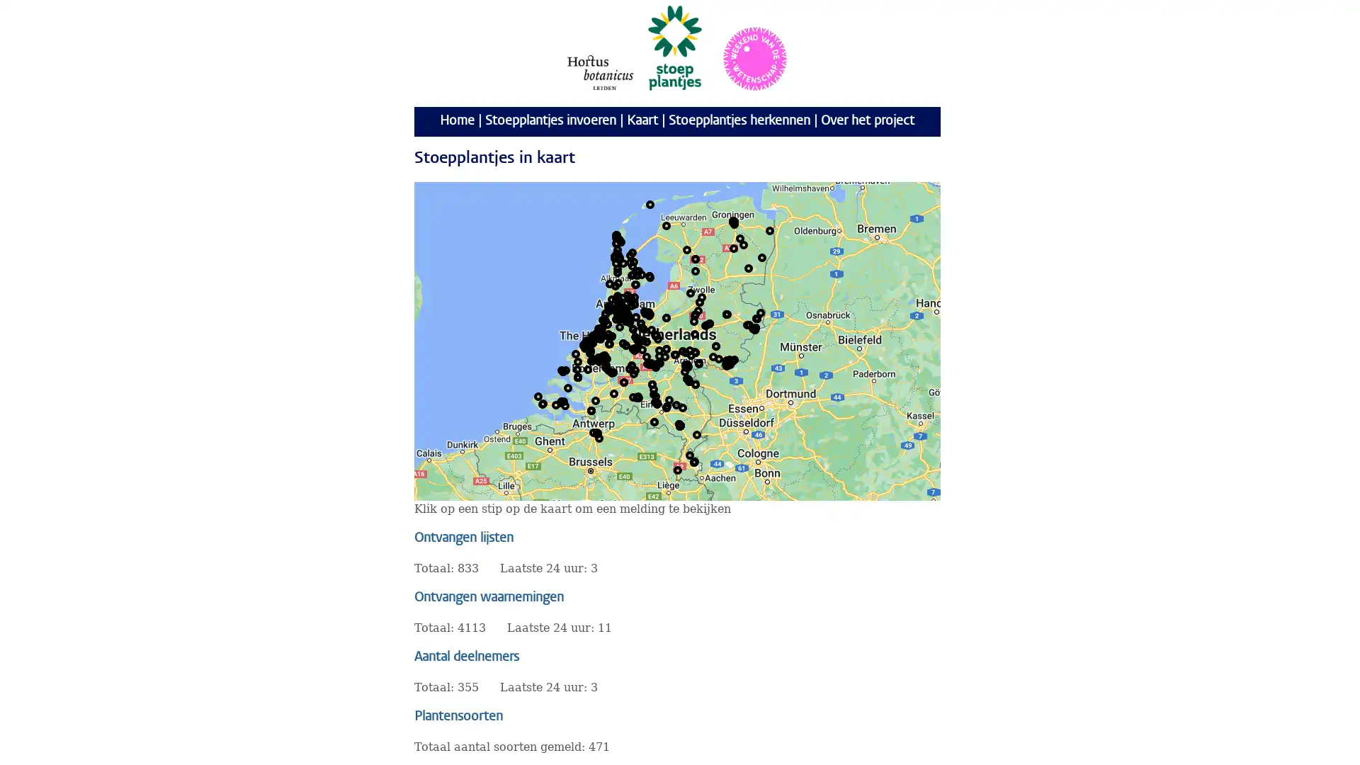  I want to click on Telling van Frans Weisscher op 14 januari 2022, so click(596, 338).